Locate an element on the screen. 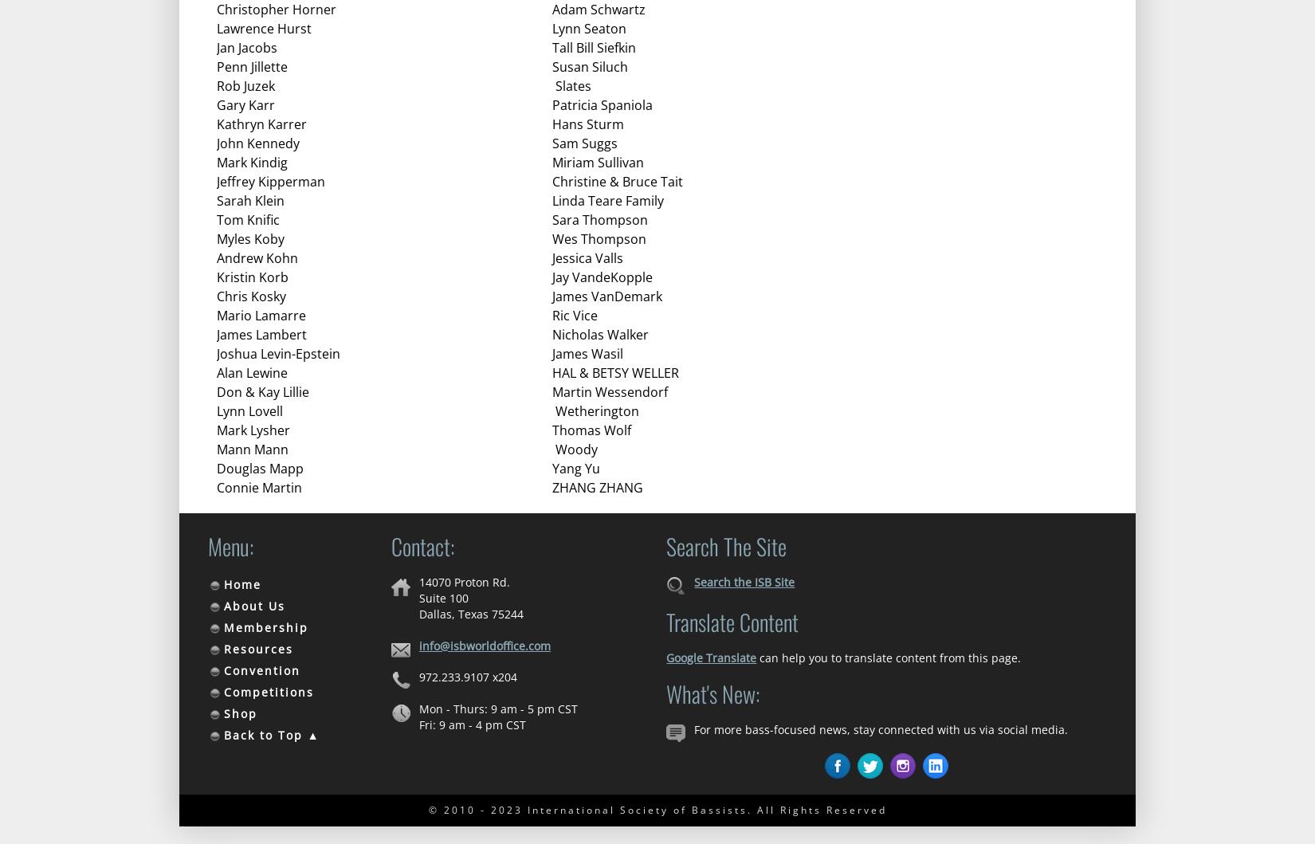 This screenshot has width=1315, height=844. 'Woody' is located at coordinates (574, 449).